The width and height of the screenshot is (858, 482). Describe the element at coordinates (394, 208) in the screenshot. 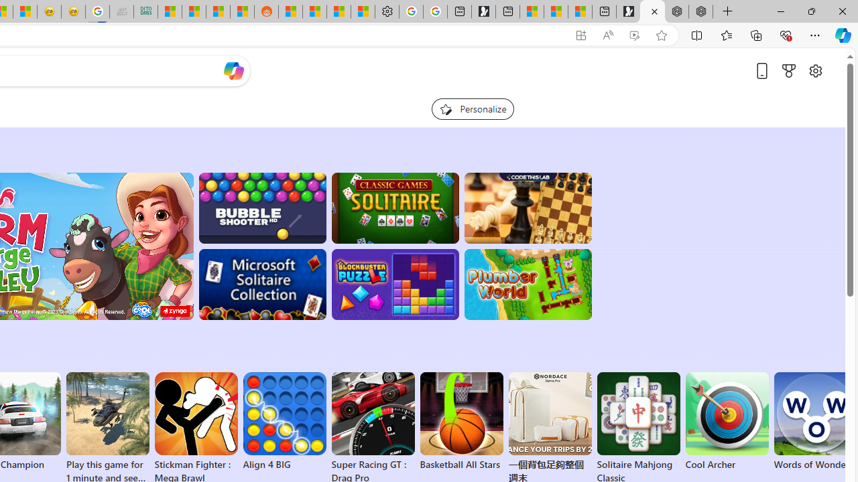

I see `'Classic Solitaire'` at that location.